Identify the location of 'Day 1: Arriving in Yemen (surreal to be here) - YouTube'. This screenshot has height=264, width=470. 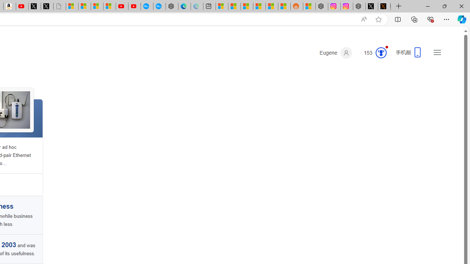
(22, 6).